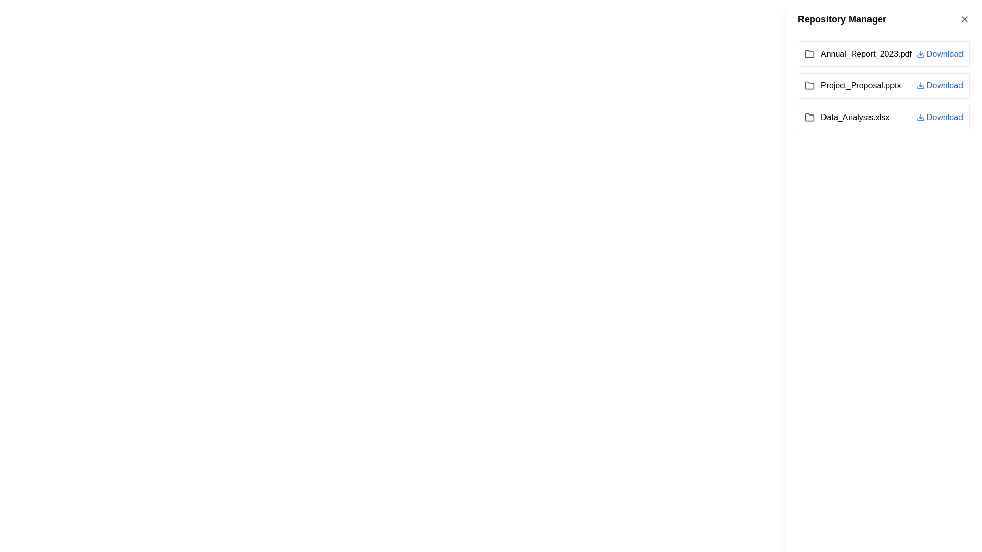 The image size is (982, 552). I want to click on the file item named 'Data_Analysis.xlsx' located in the right-hand panel under 'Repository Manager', so click(847, 117).